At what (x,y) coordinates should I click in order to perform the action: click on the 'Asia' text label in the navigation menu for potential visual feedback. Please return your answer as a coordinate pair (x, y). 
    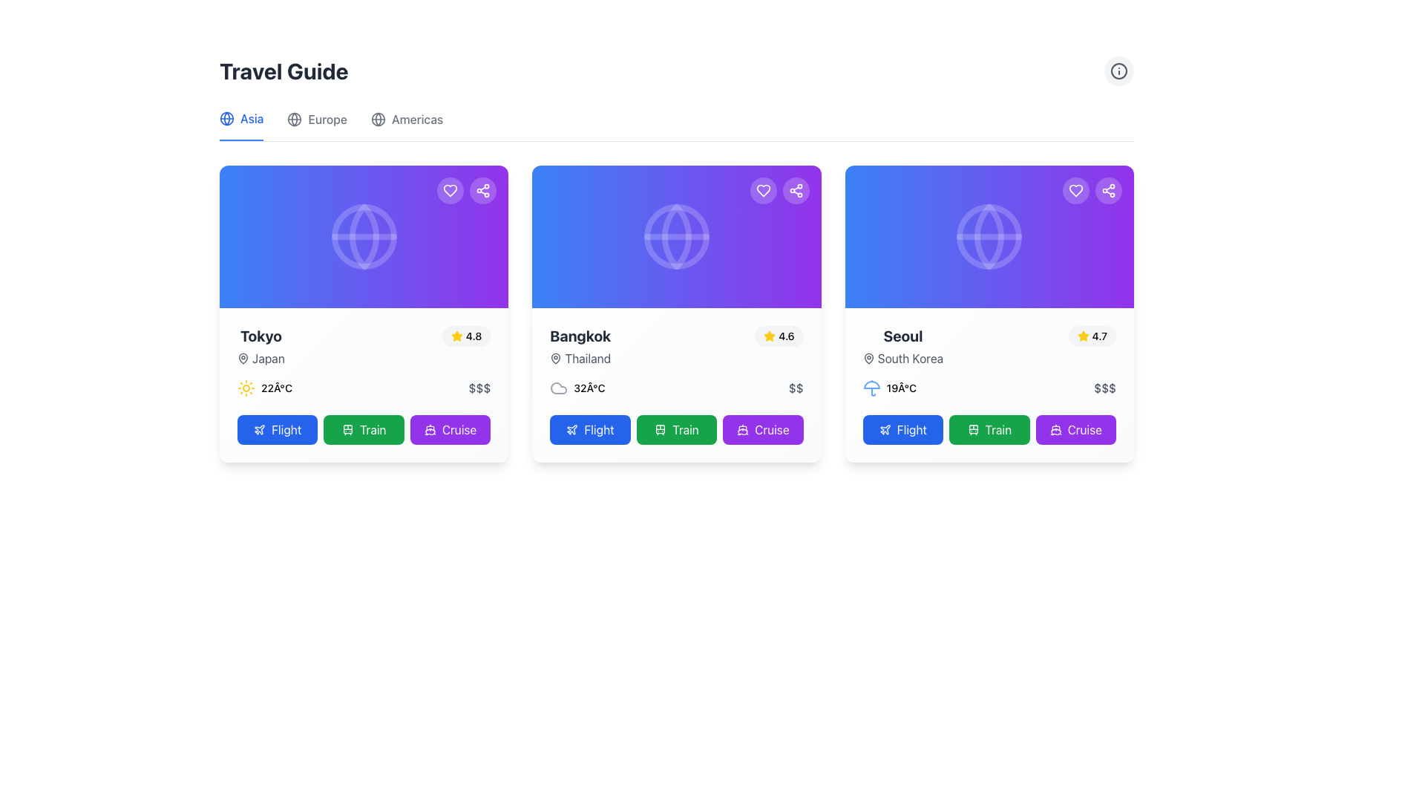
    Looking at the image, I should click on (252, 117).